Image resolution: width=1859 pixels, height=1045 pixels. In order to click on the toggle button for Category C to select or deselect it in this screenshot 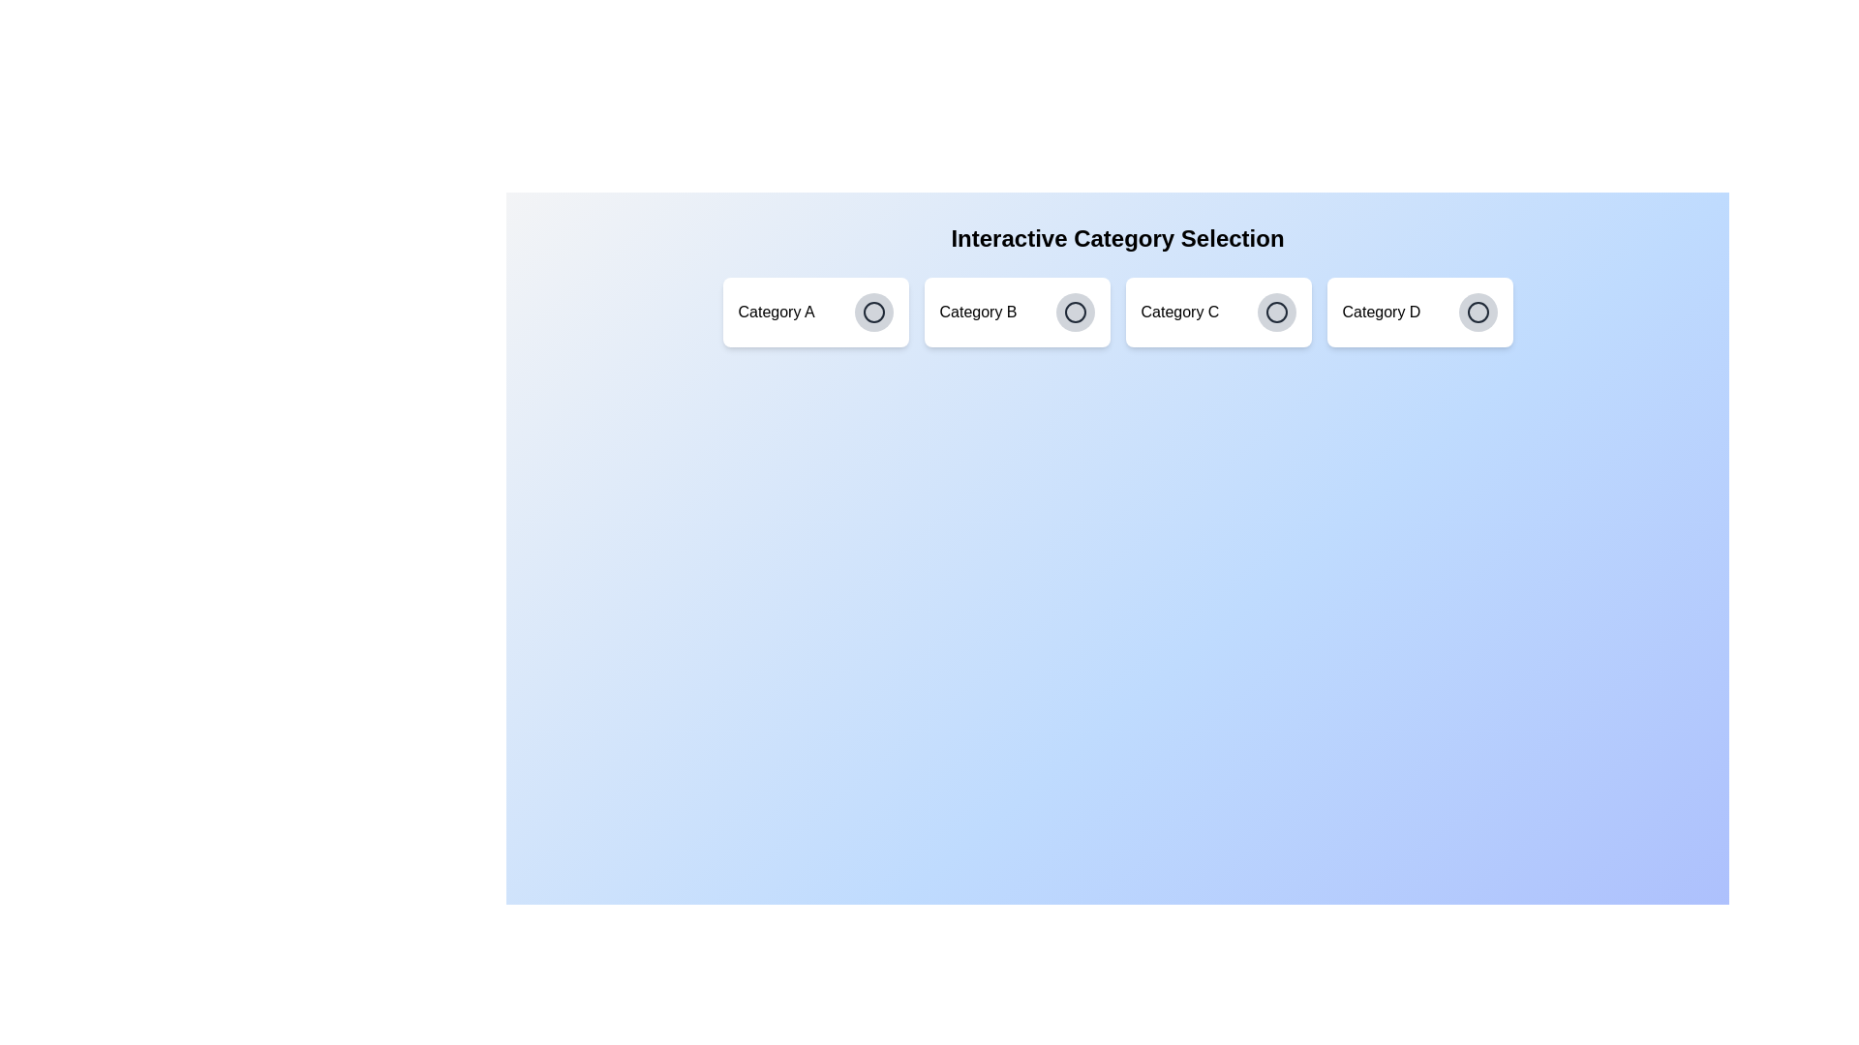, I will do `click(1276, 312)`.